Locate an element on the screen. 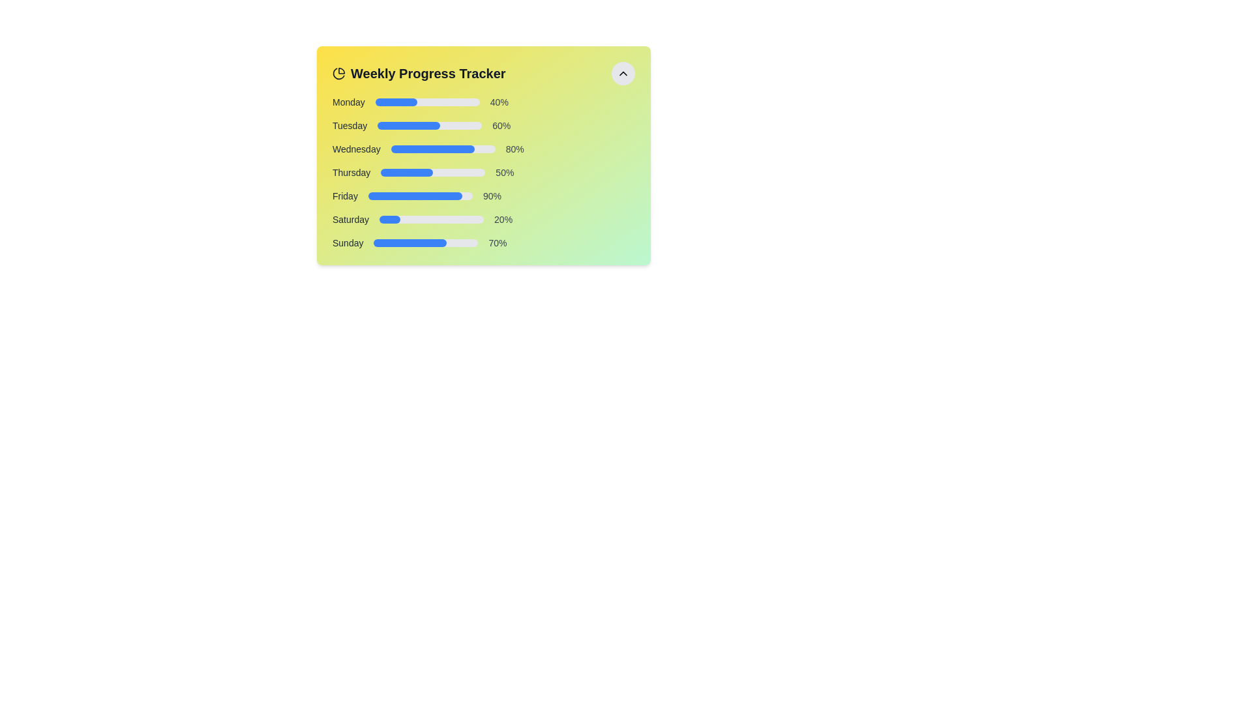 Image resolution: width=1252 pixels, height=704 pixels. blue-colored progress bar segment filling 50% of the progress bar for 'Thursday' in the weekly tracker interface is located at coordinates (406, 172).